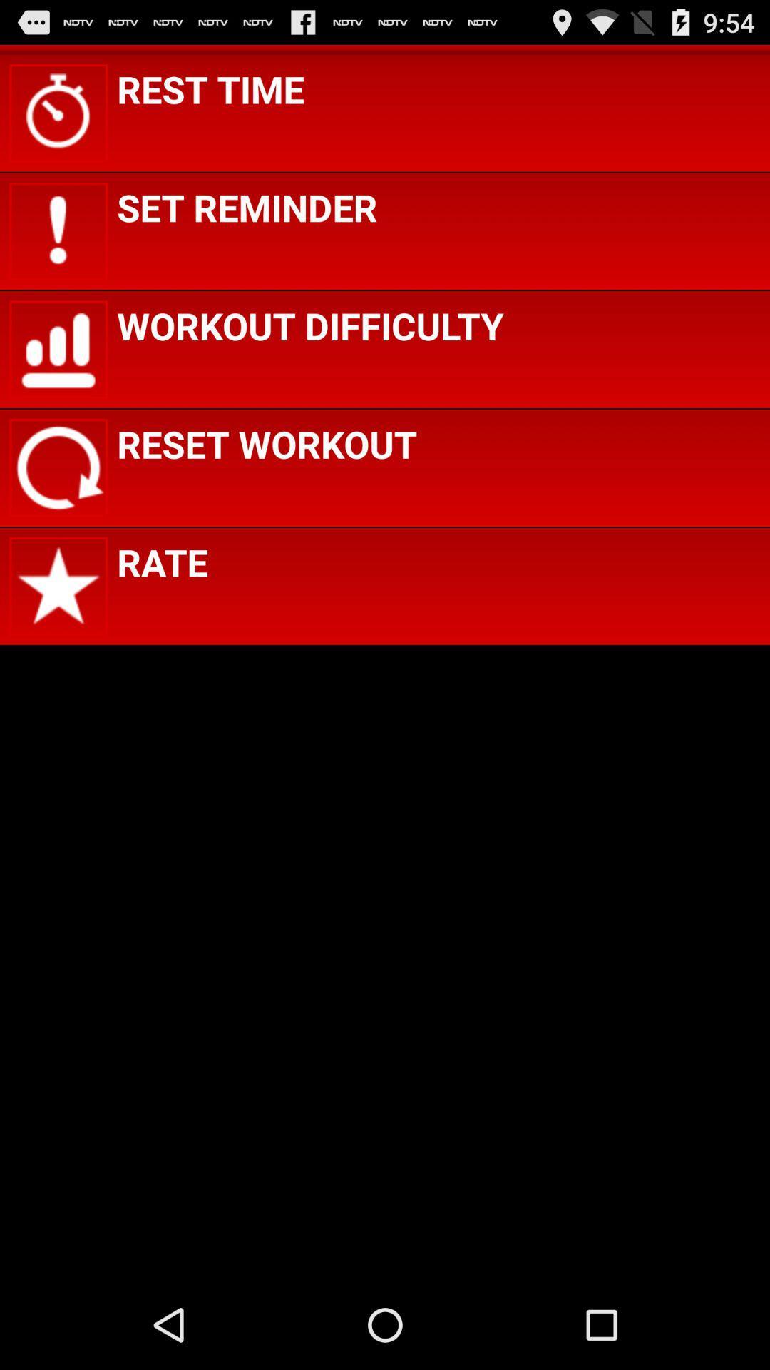 The height and width of the screenshot is (1370, 770). I want to click on the workout difficulty app, so click(309, 325).